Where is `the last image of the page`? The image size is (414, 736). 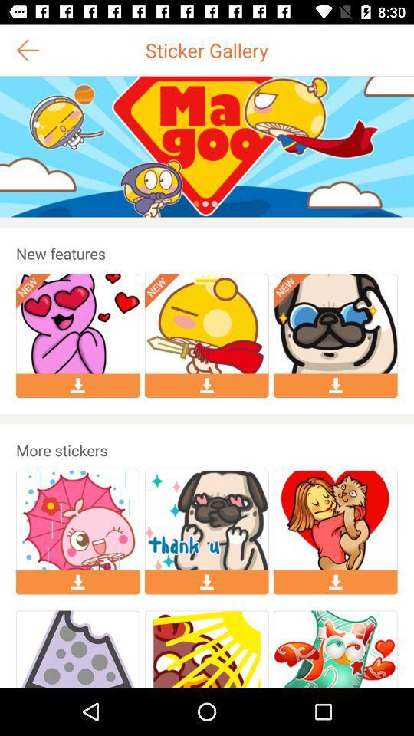 the last image of the page is located at coordinates (334, 649).